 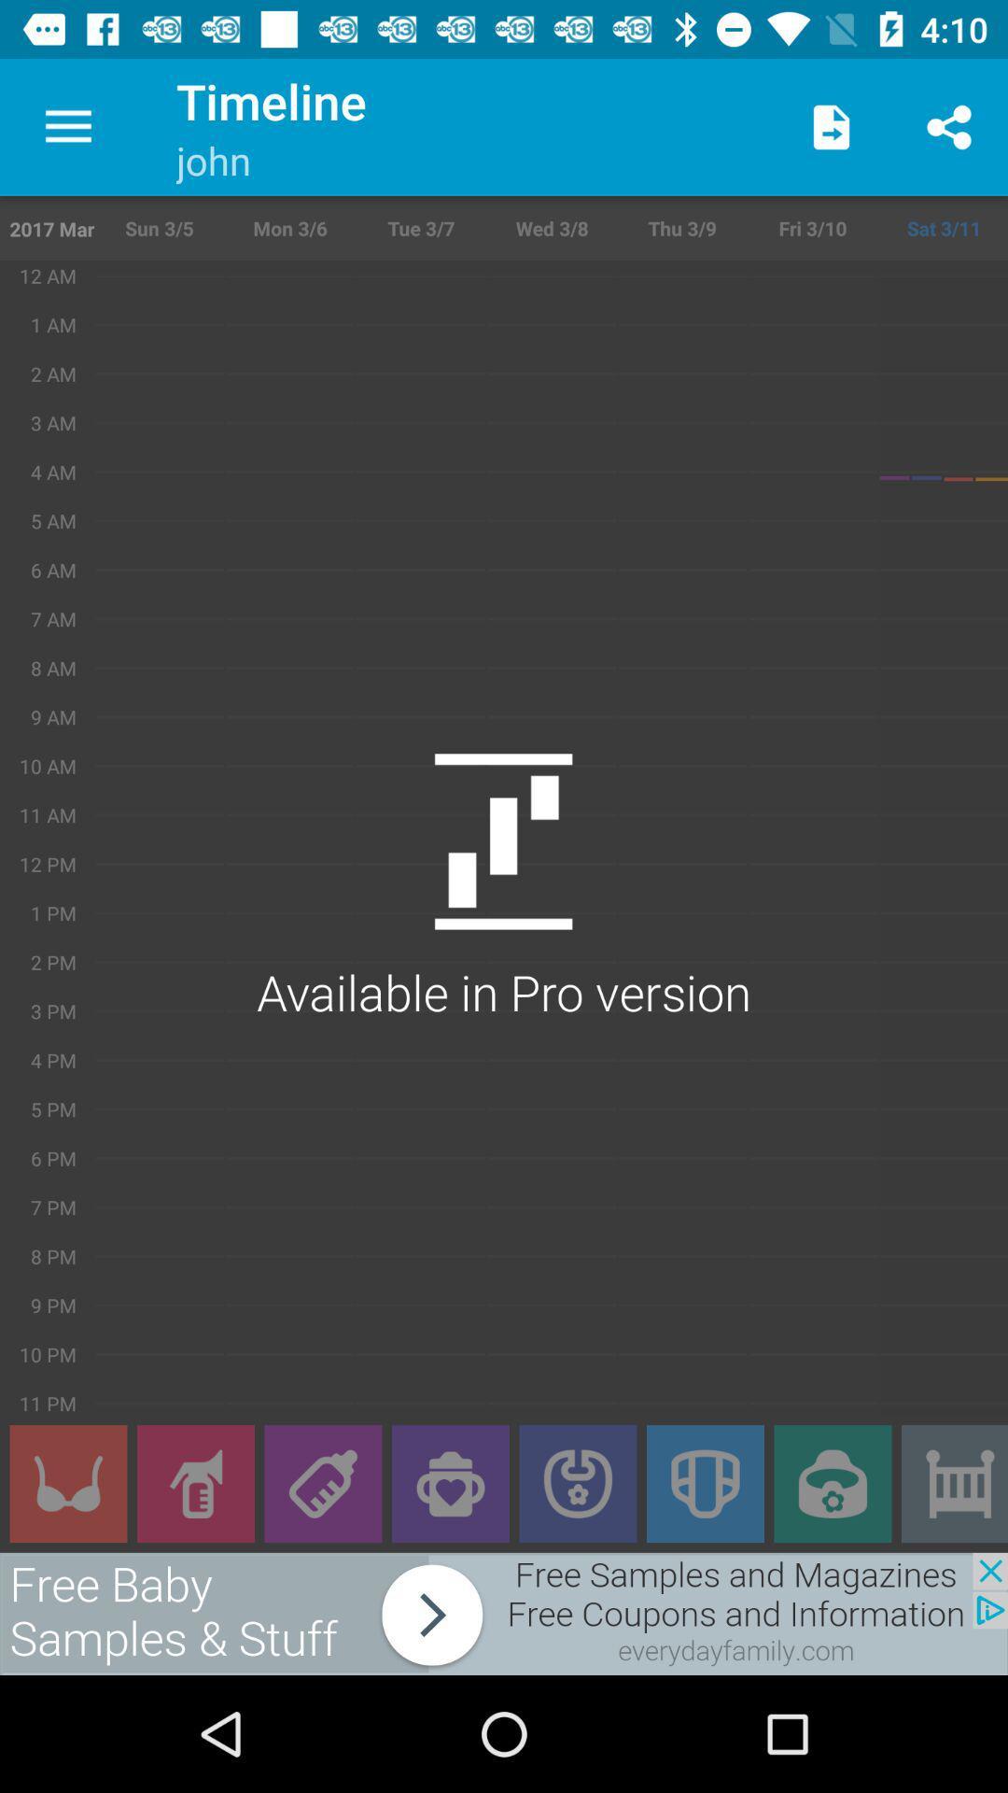 I want to click on item, so click(x=954, y=1483).